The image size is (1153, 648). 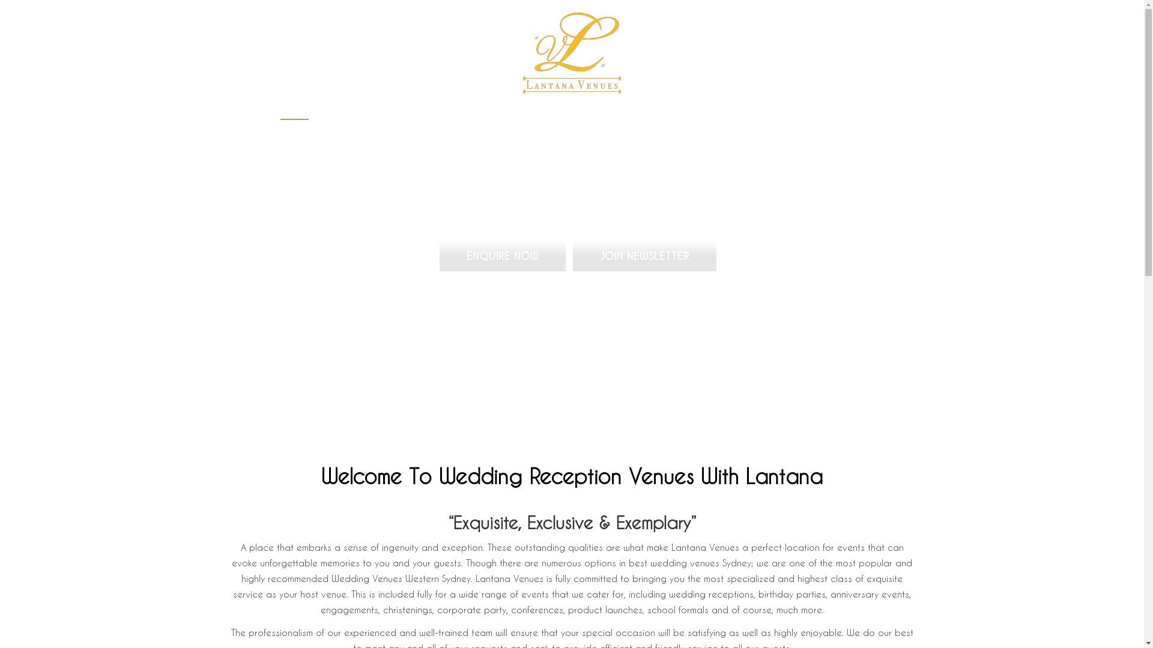 I want to click on 'OUR VENUES', so click(x=374, y=113).